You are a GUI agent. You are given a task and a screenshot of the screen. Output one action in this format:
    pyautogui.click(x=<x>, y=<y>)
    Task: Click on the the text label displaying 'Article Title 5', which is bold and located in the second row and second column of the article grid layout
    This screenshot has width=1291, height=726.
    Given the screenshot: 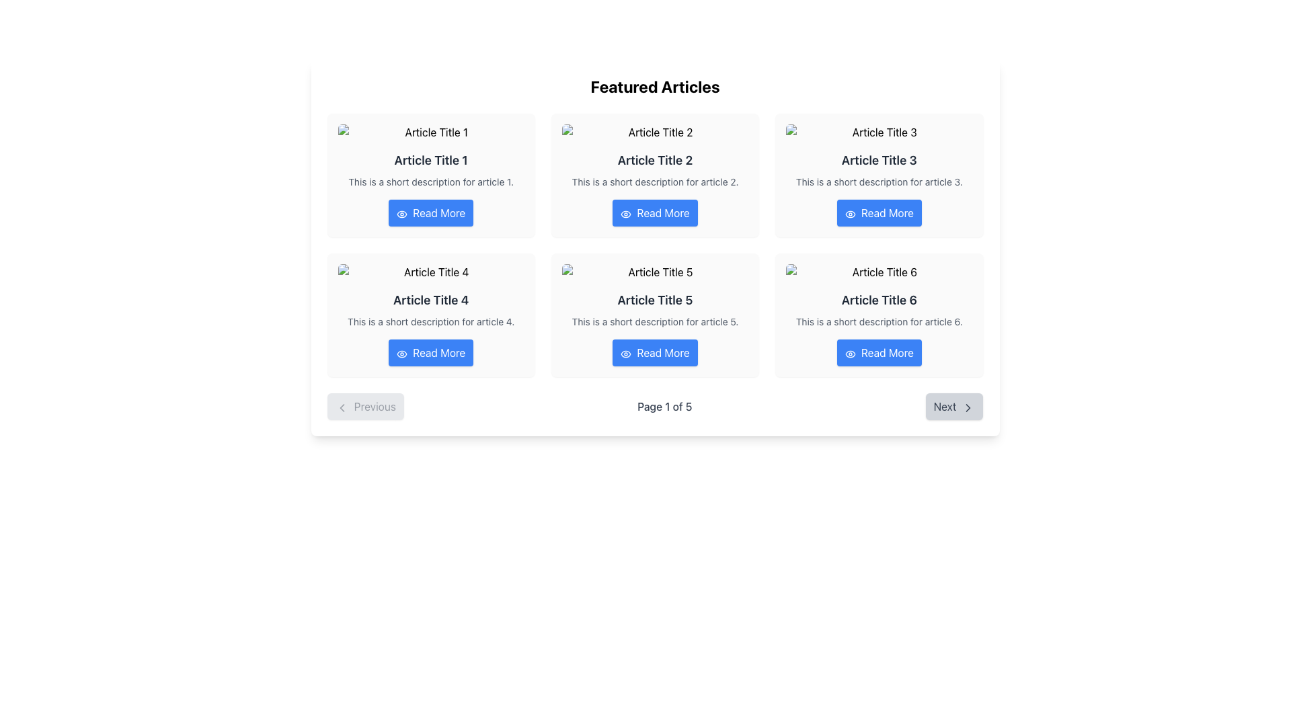 What is the action you would take?
    pyautogui.click(x=655, y=300)
    